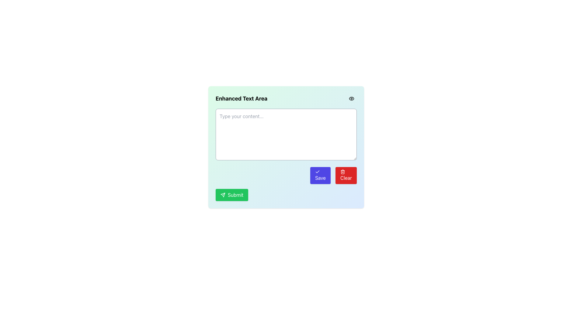 The height and width of the screenshot is (328, 584). Describe the element at coordinates (320, 176) in the screenshot. I see `the 'Save' button located at the bottom left of the card` at that location.